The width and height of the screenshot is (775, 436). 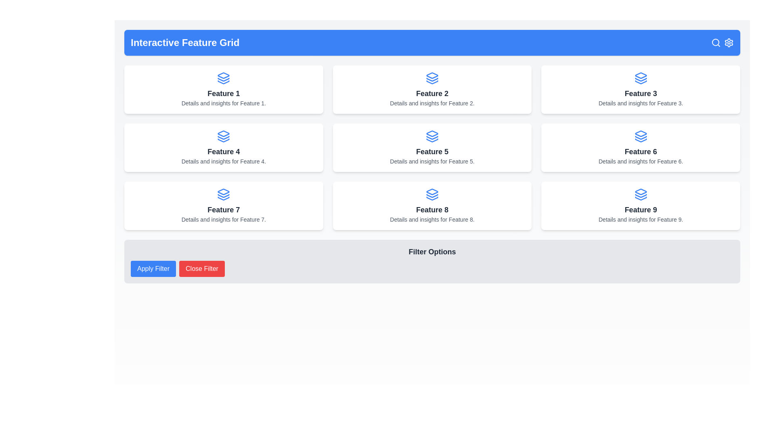 What do you see at coordinates (640, 133) in the screenshot?
I see `the triangular graphical icon` at bounding box center [640, 133].